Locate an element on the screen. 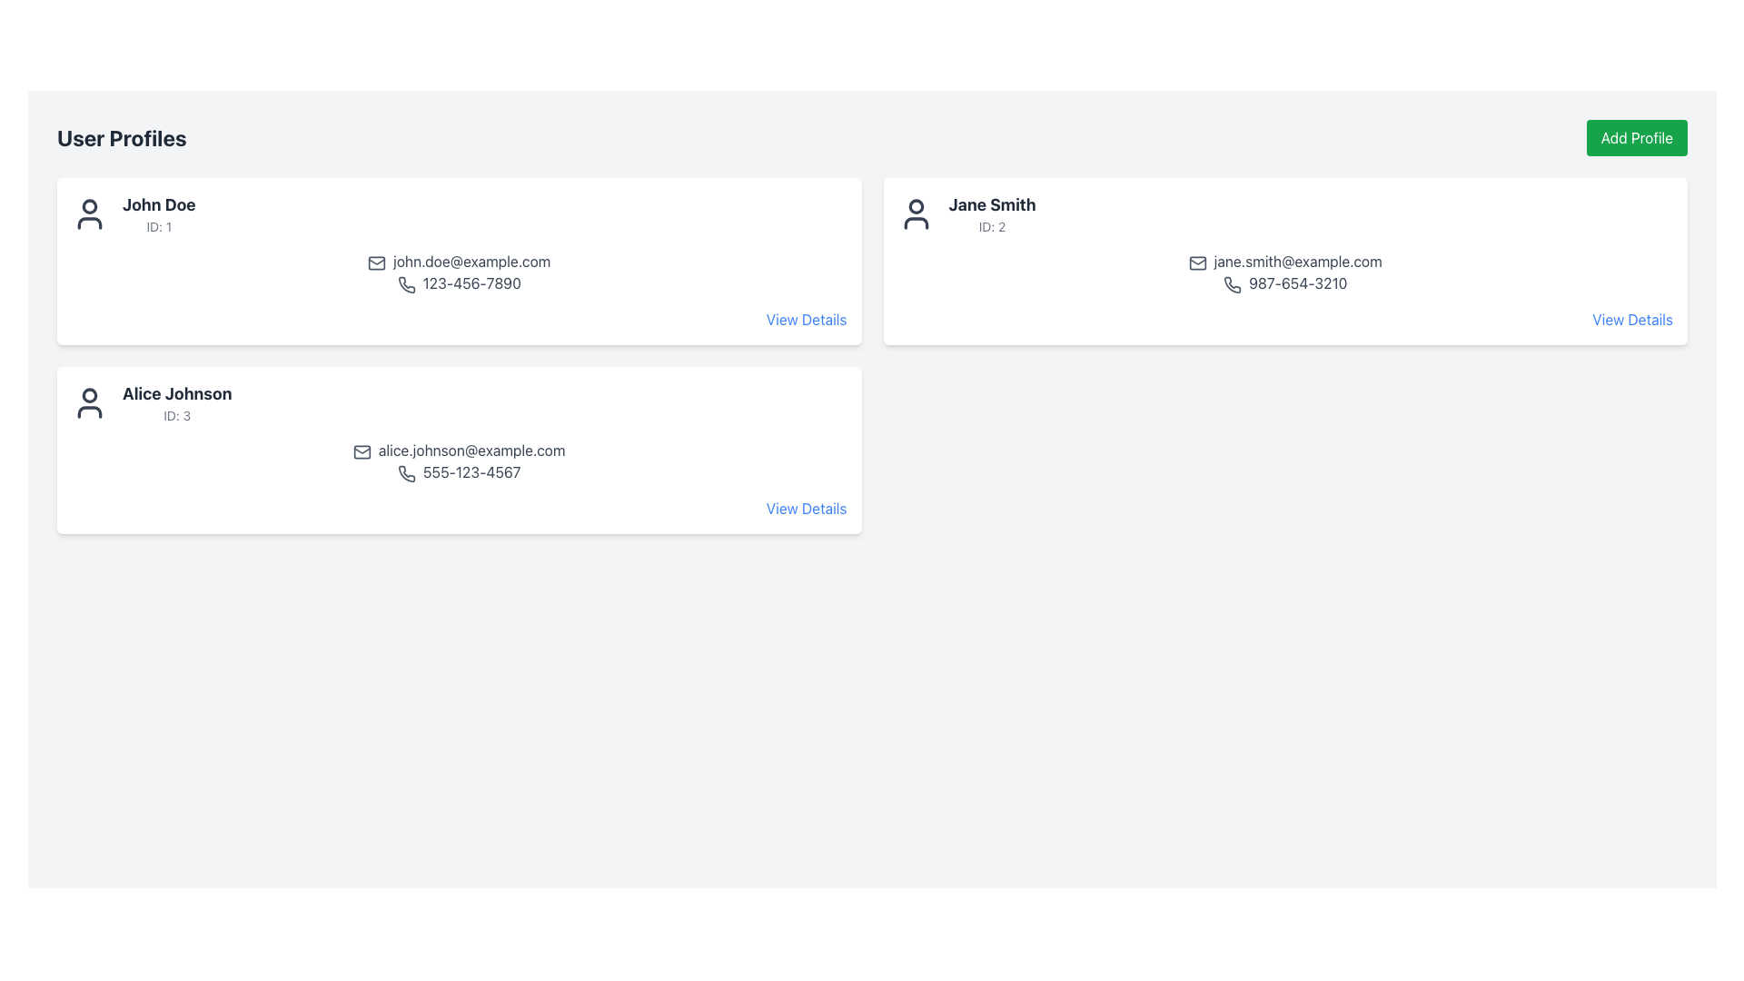 Image resolution: width=1744 pixels, height=981 pixels. text component displaying the name 'John Doe' and the ID '1' from the first user profile card in the upper-left corner of the layout is located at coordinates (159, 213).